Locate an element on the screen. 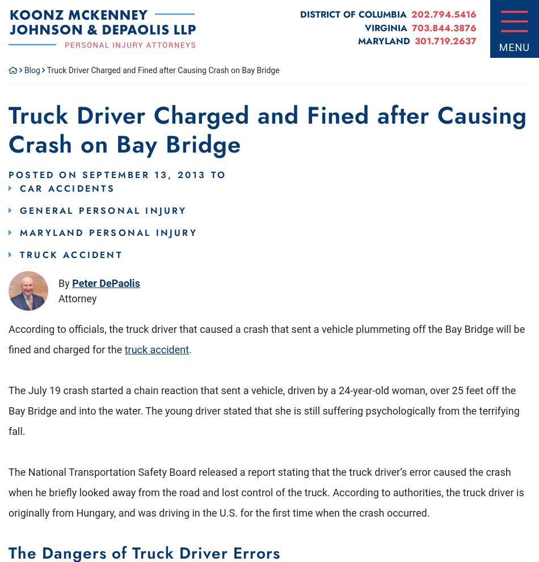 This screenshot has height=562, width=539. 'Traumatic Brain Injury' is located at coordinates (113, 116).